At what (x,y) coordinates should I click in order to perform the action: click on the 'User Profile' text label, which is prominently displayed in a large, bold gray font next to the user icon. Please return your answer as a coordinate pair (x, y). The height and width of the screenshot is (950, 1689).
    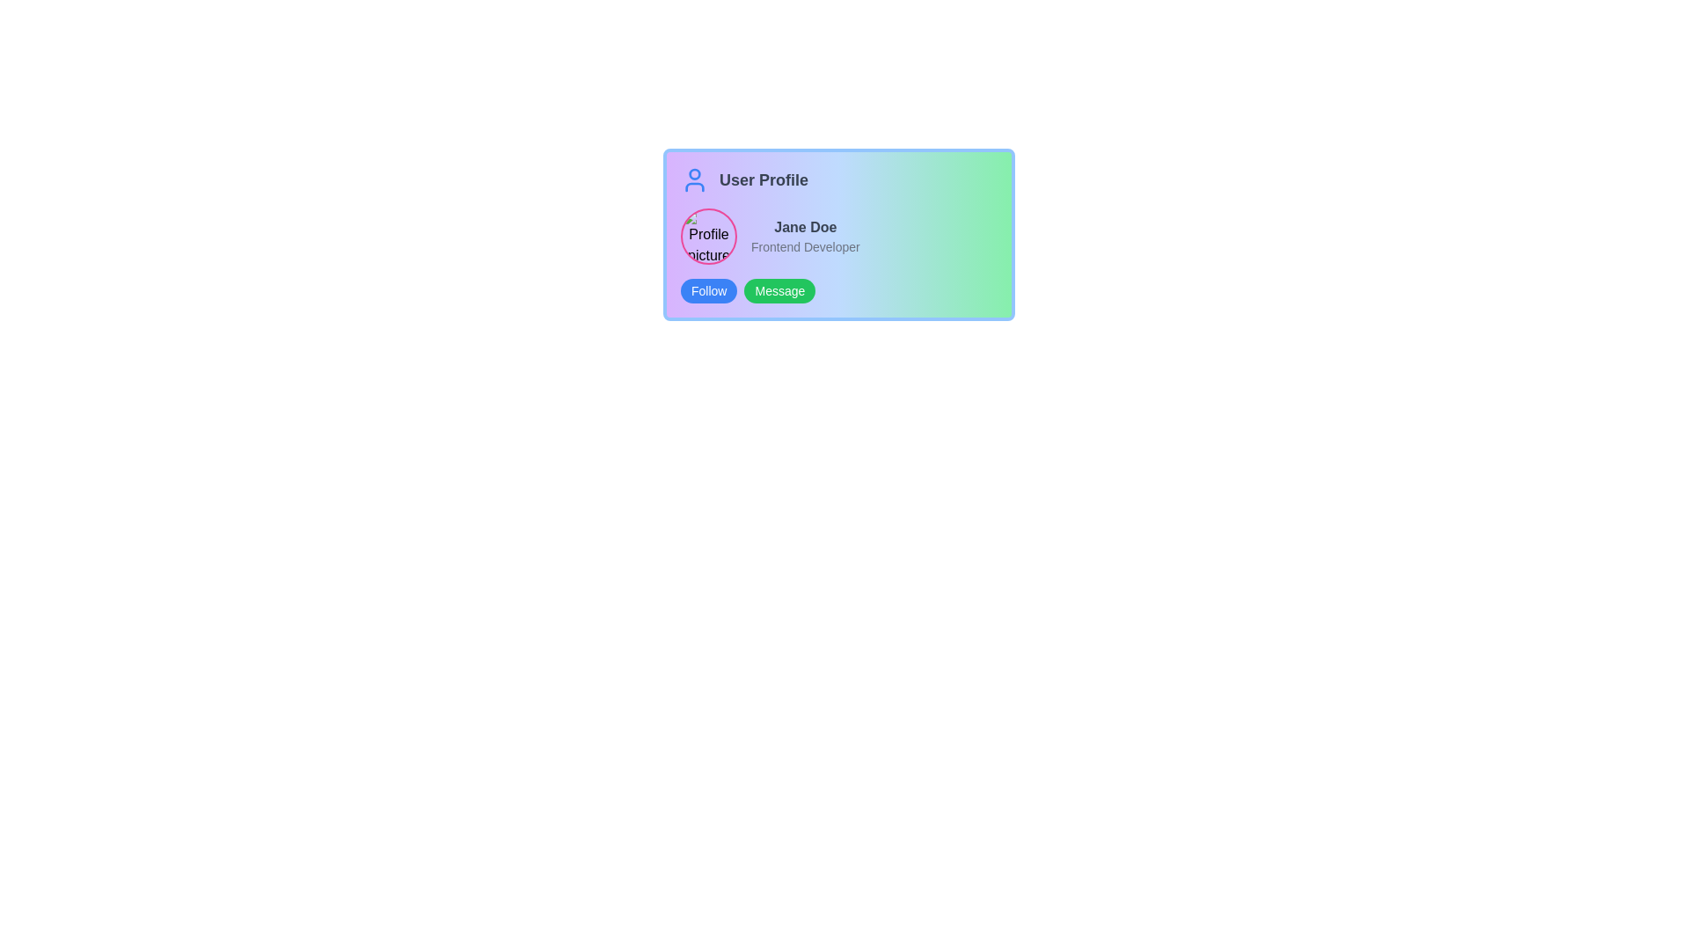
    Looking at the image, I should click on (764, 179).